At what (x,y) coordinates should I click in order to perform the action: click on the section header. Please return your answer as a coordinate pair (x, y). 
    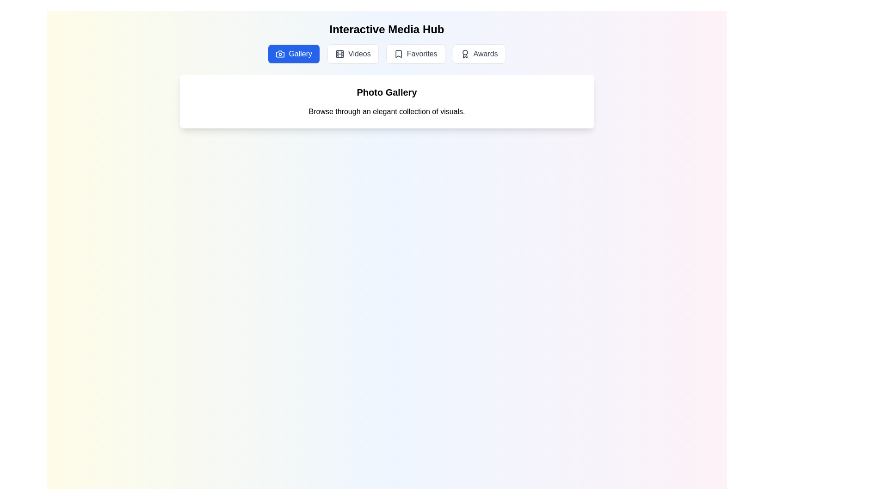
    Looking at the image, I should click on (387, 92).